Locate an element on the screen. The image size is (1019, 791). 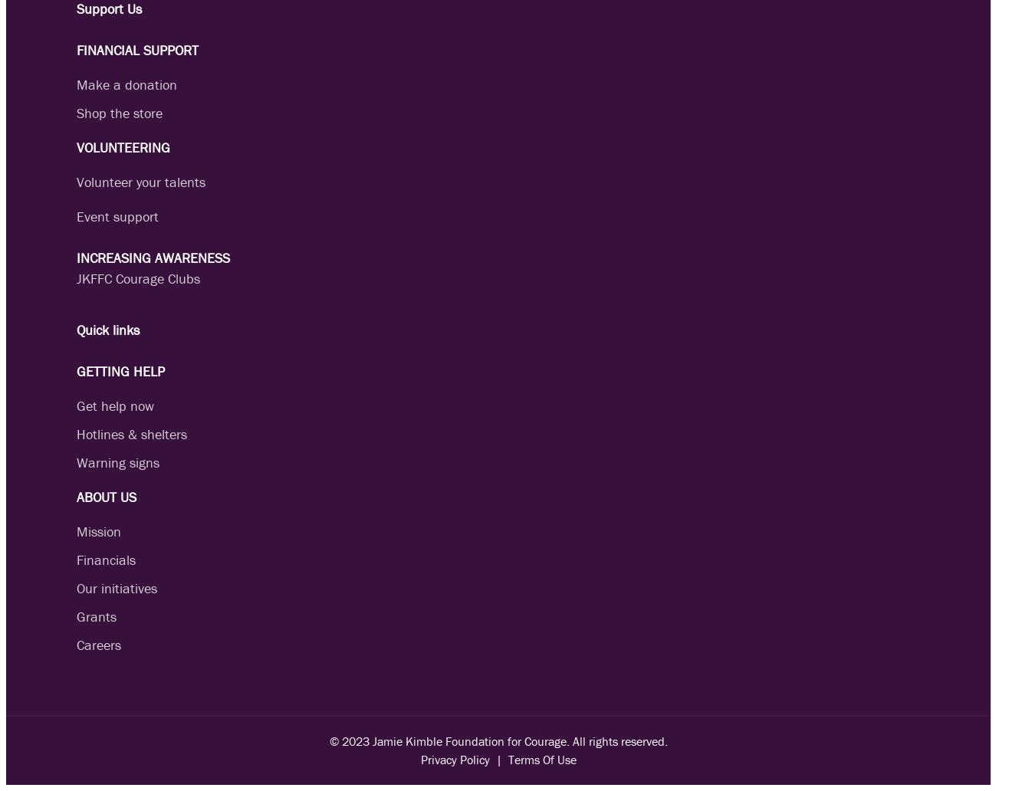
'Warning signs' is located at coordinates (118, 462).